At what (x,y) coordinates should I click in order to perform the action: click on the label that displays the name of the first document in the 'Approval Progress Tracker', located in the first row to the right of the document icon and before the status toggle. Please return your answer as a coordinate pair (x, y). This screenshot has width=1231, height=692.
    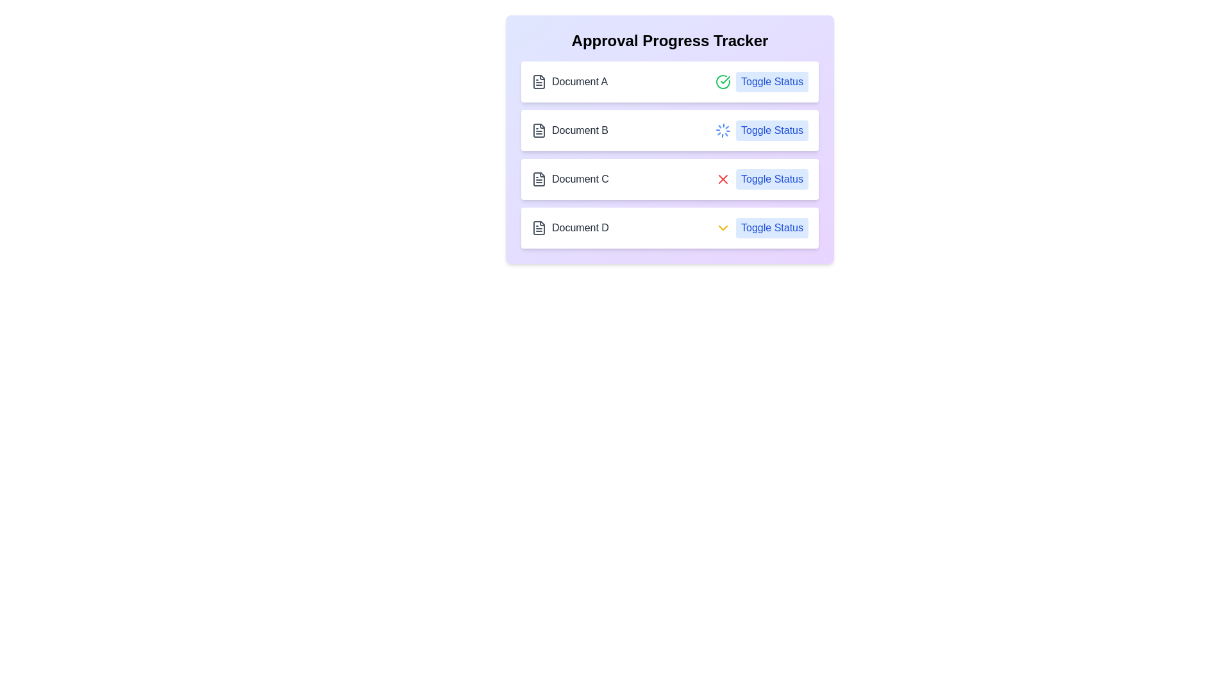
    Looking at the image, I should click on (579, 81).